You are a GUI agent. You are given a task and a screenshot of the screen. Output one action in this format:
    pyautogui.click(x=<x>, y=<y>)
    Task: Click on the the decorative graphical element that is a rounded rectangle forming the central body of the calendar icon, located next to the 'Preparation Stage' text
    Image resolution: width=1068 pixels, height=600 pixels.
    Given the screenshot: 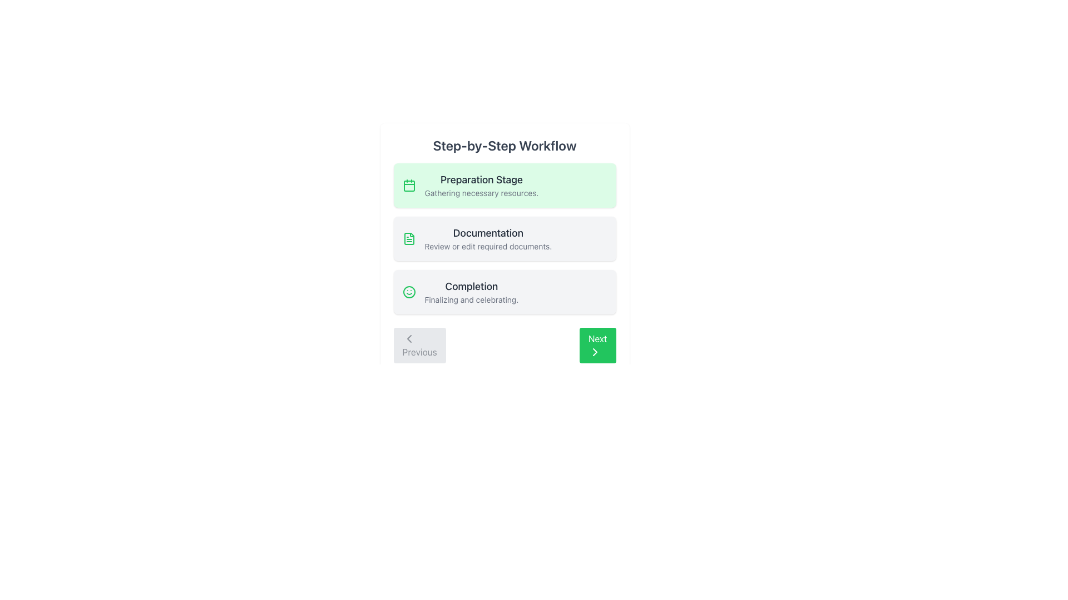 What is the action you would take?
    pyautogui.click(x=408, y=186)
    